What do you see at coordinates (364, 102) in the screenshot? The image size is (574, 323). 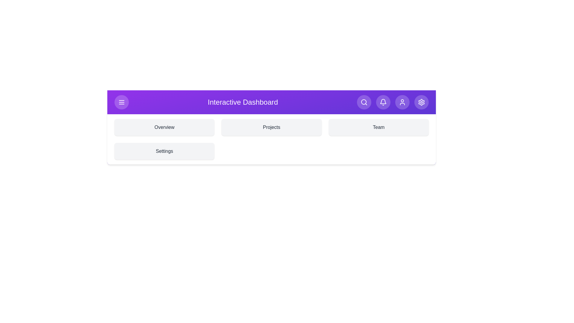 I see `the button labeled Search to observe visual feedback` at bounding box center [364, 102].